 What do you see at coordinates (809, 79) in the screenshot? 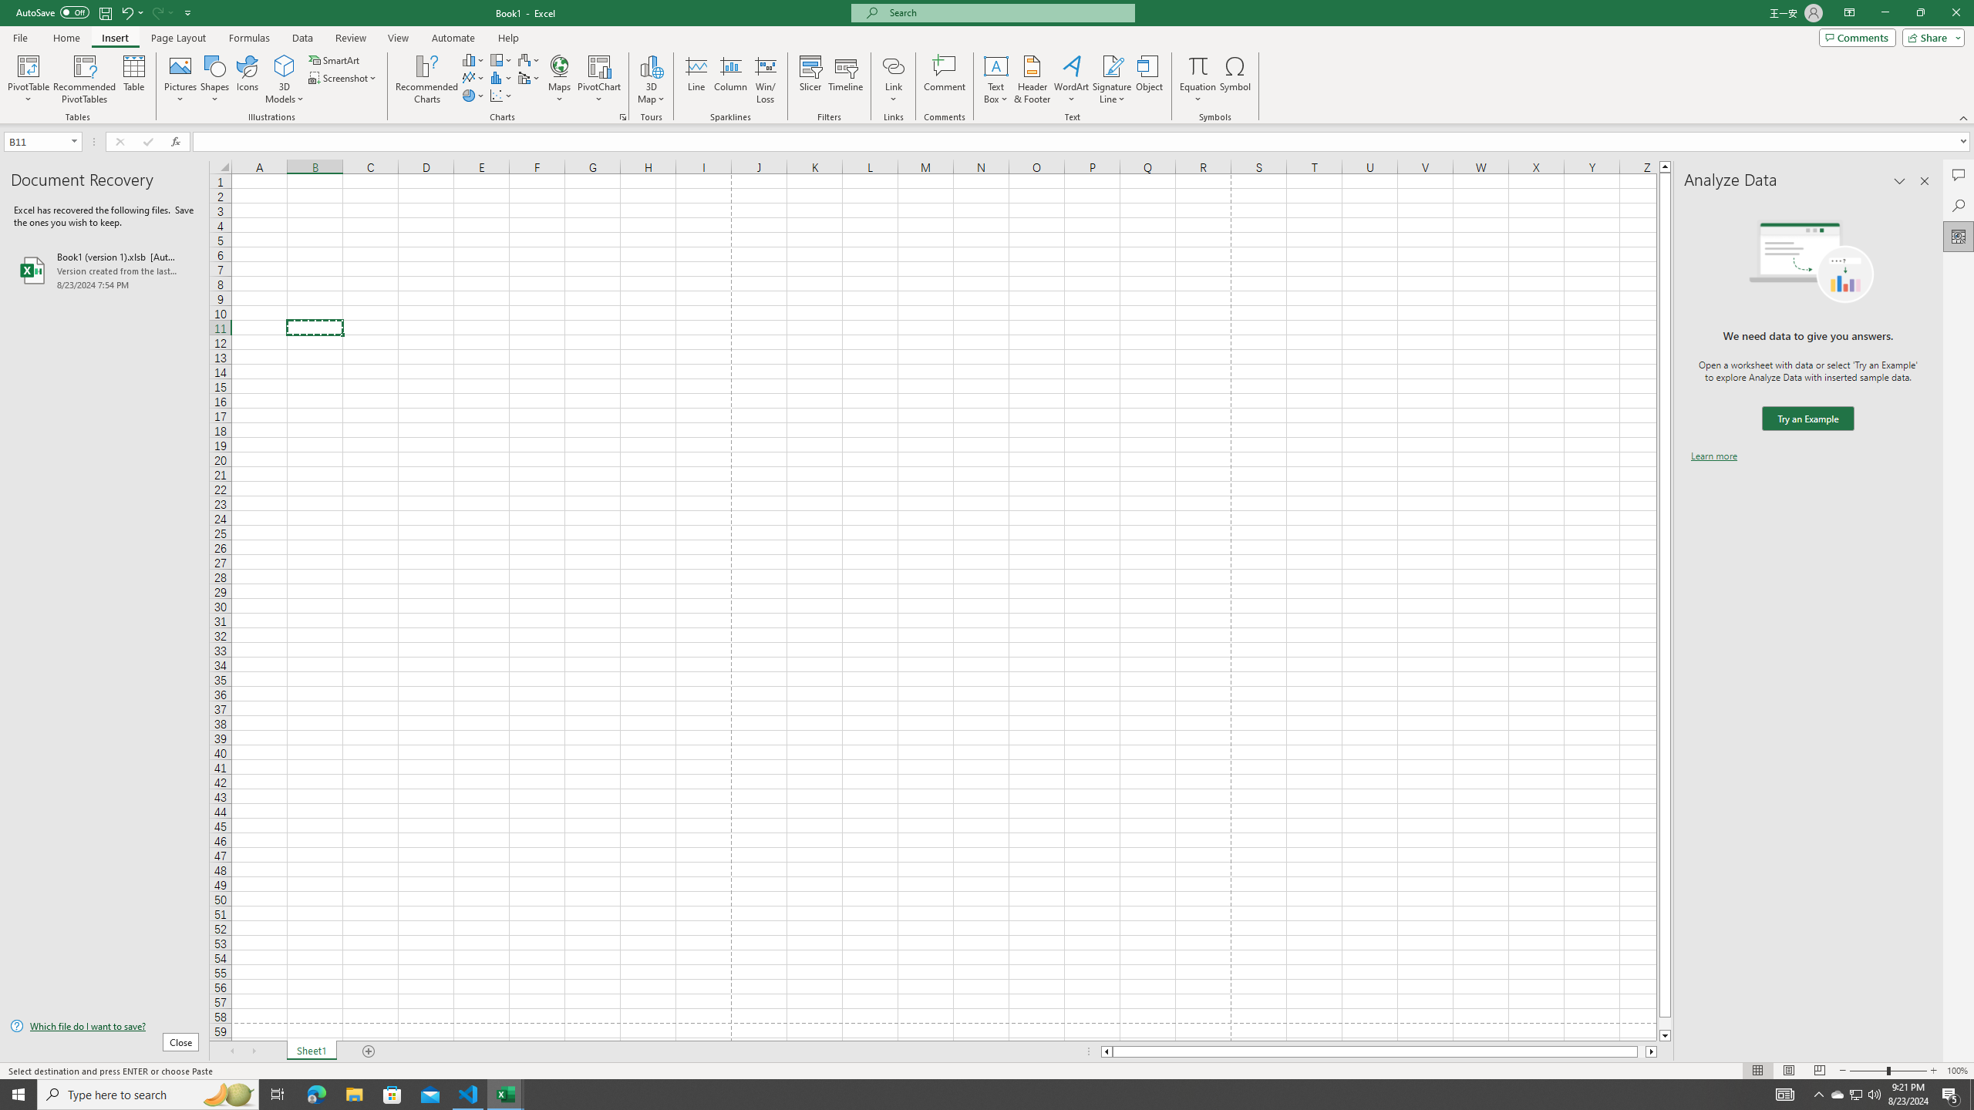
I see `'Slicer...'` at bounding box center [809, 79].